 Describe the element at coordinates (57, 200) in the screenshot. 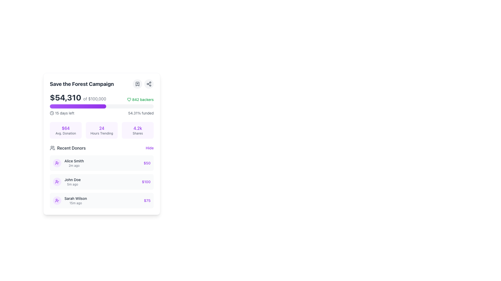

I see `the user profile icon with a check mark, styled in purple and encased in a light purple rounded button, located next to the 'Alice Smith' label in the 'Recent Donors' section` at that location.